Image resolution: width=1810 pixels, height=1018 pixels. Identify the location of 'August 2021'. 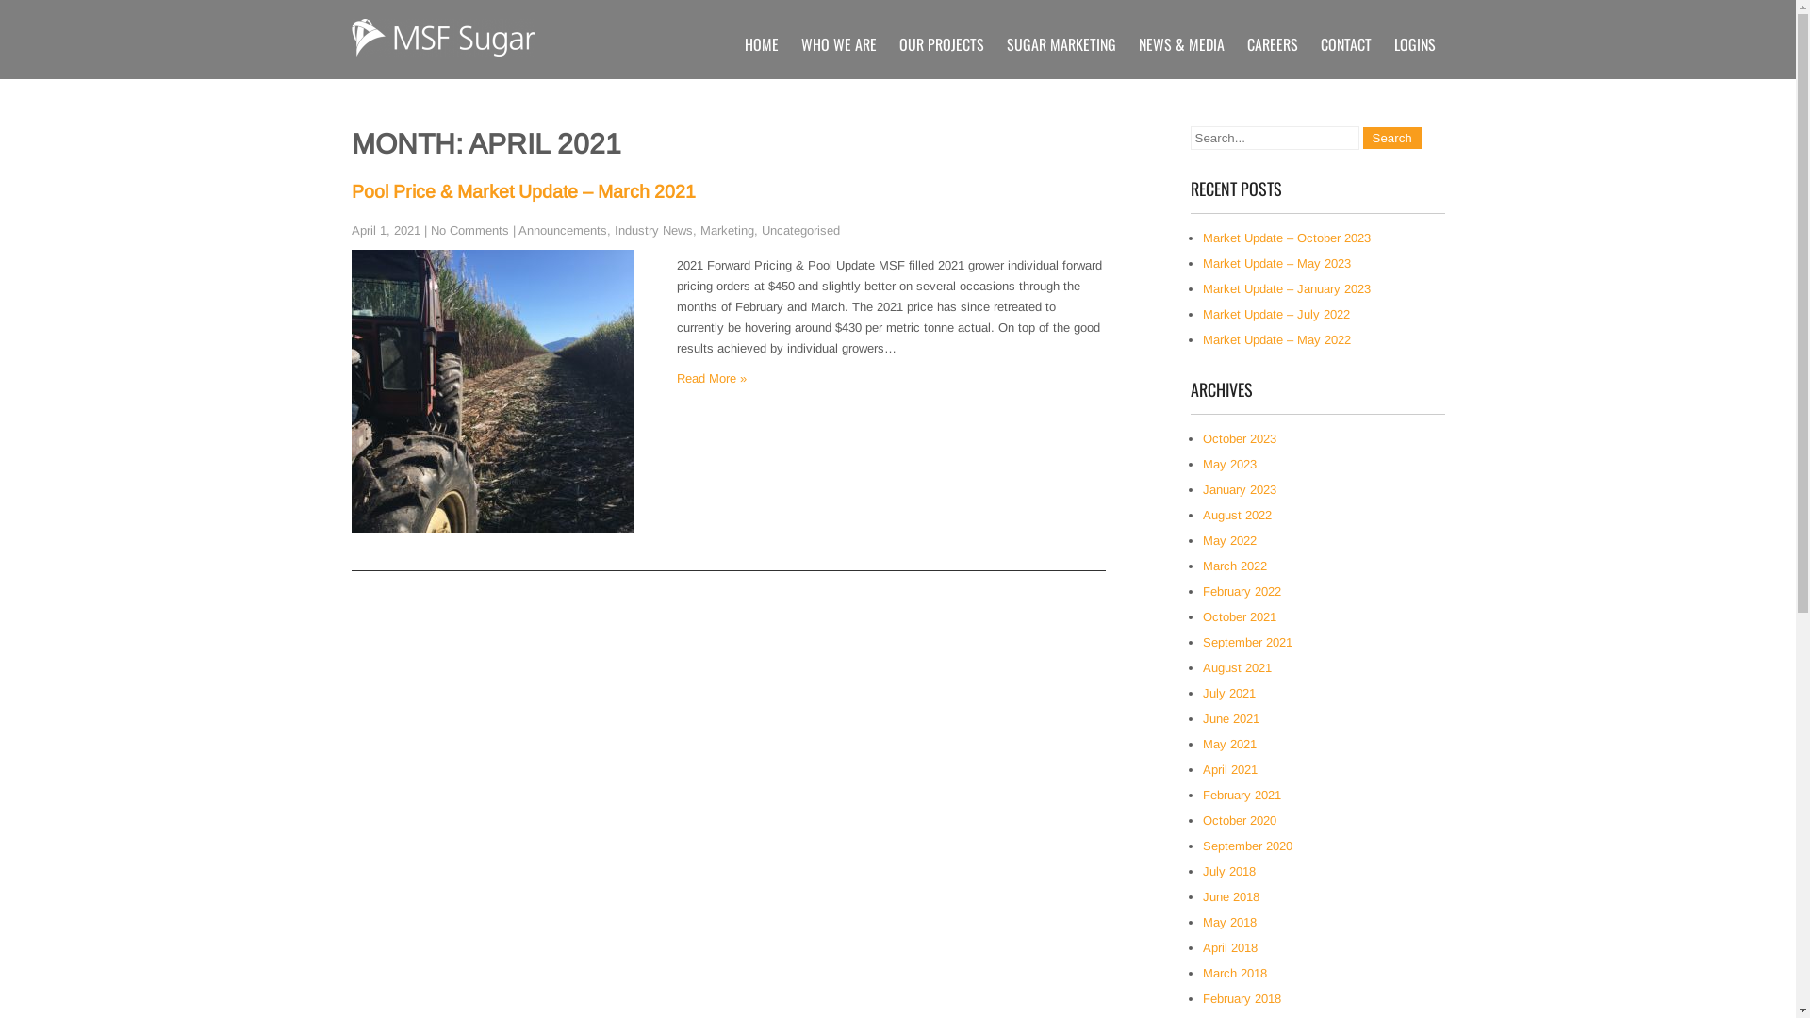
(1237, 666).